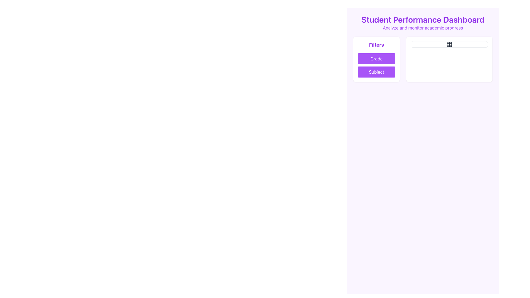 This screenshot has height=298, width=530. I want to click on information displayed on the Header text labeled 'Student Performance Dashboard' with the subtitle 'Analyze and monitor academic progress' located at the top of the dashboard interface, so click(422, 23).